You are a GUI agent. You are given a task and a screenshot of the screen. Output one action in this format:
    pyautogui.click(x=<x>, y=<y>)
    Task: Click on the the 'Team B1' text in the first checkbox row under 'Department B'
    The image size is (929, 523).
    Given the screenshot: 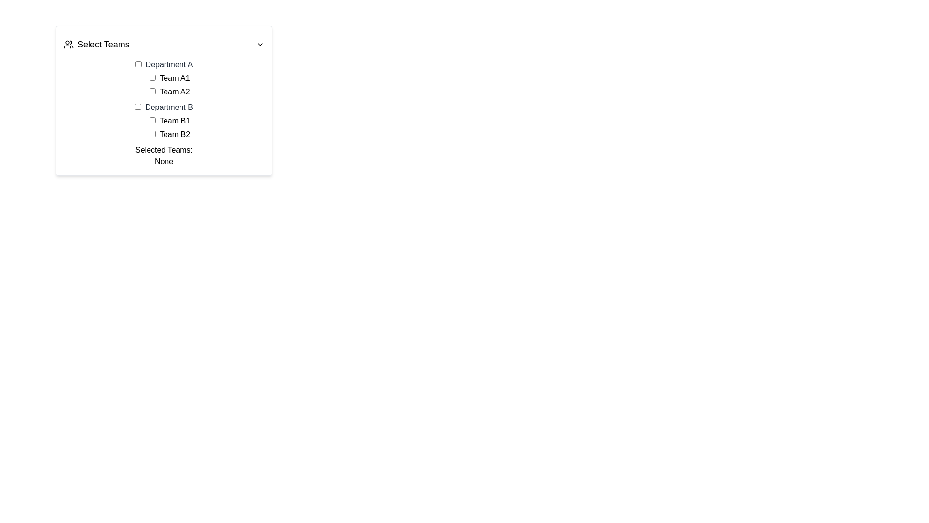 What is the action you would take?
    pyautogui.click(x=169, y=121)
    